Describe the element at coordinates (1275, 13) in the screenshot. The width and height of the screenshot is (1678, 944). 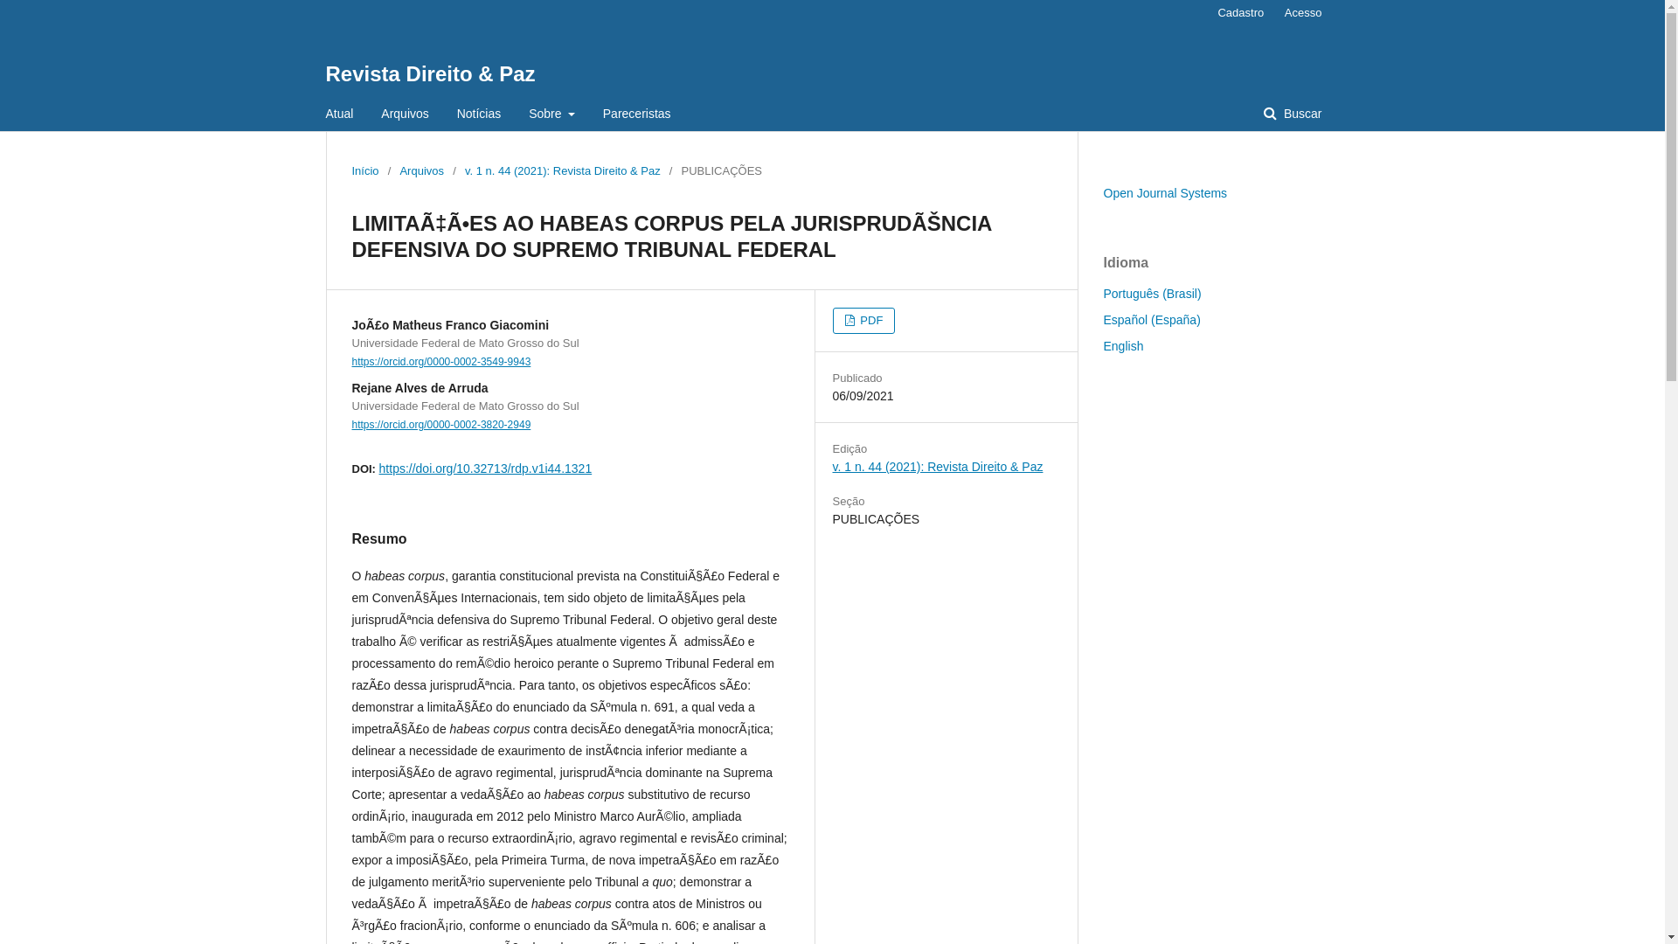
I see `'Acesso'` at that location.